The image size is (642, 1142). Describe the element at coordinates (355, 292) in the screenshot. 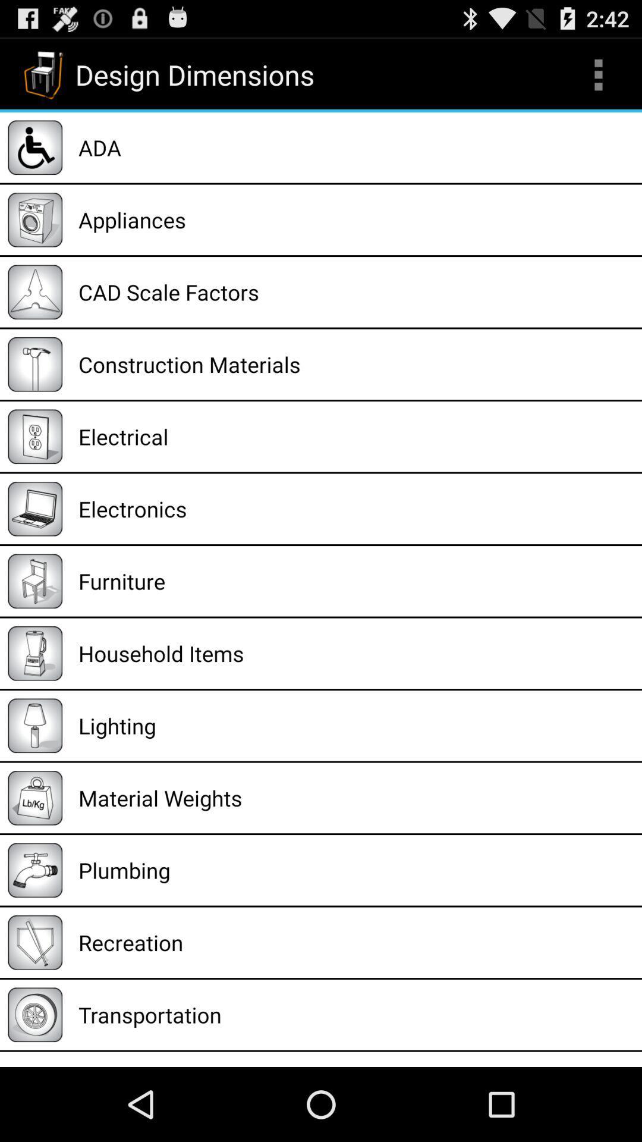

I see `the cad scale factors app` at that location.